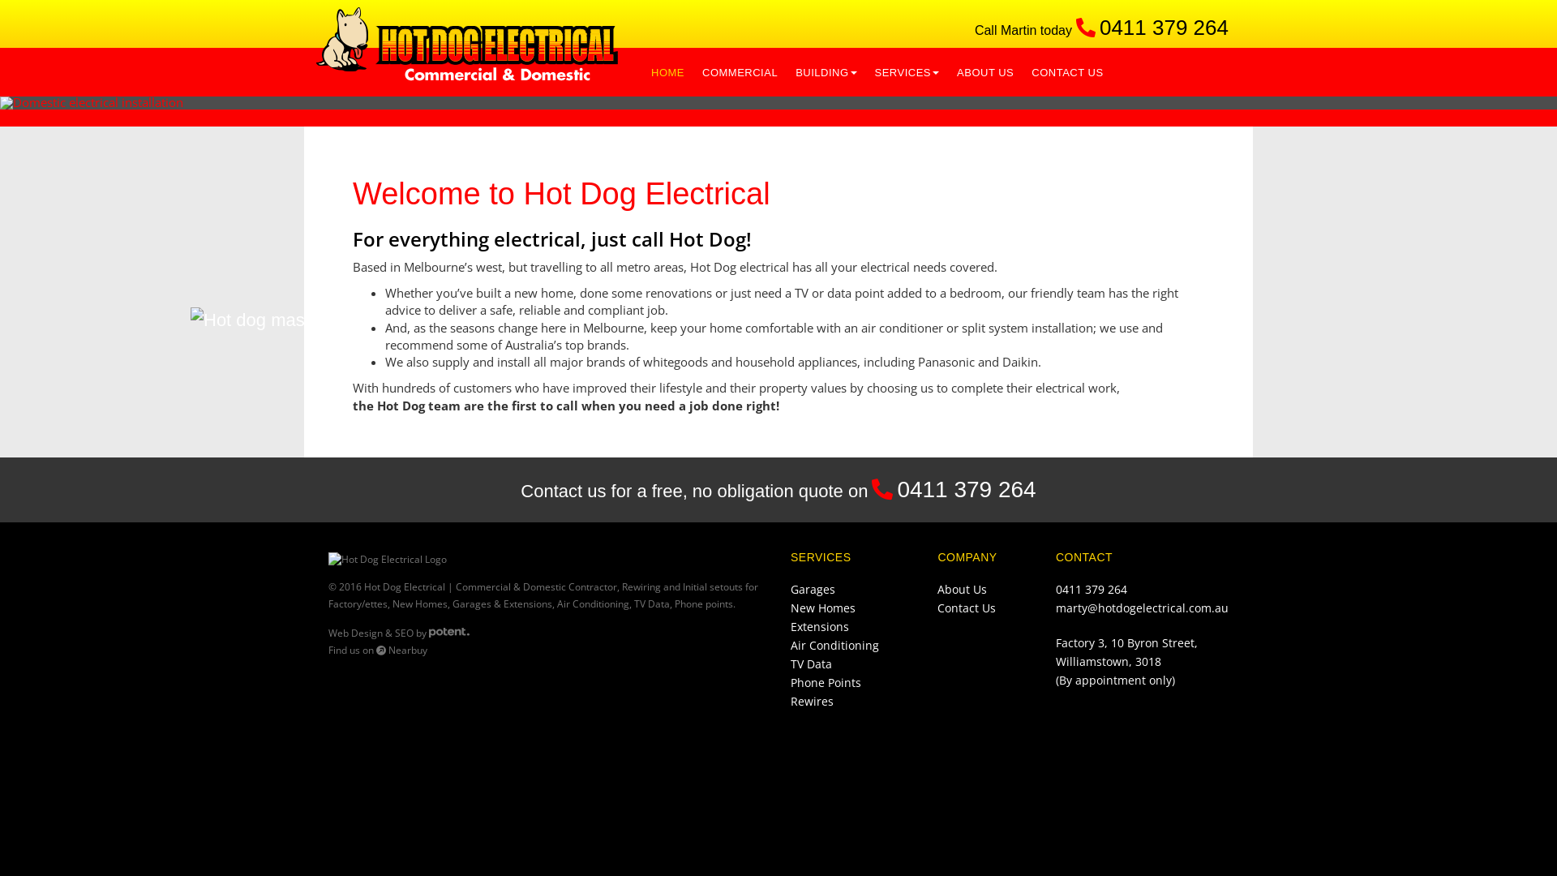  What do you see at coordinates (820, 625) in the screenshot?
I see `'Extensions'` at bounding box center [820, 625].